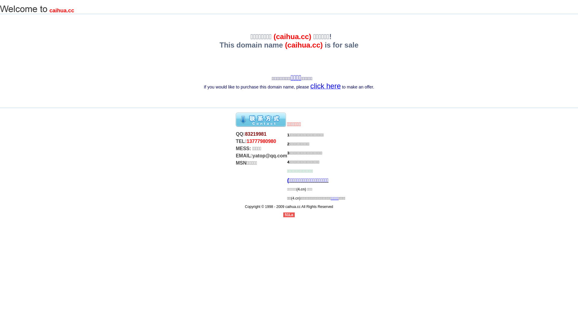 The image size is (578, 325). What do you see at coordinates (288, 214) in the screenshot?
I see `'51La'` at bounding box center [288, 214].